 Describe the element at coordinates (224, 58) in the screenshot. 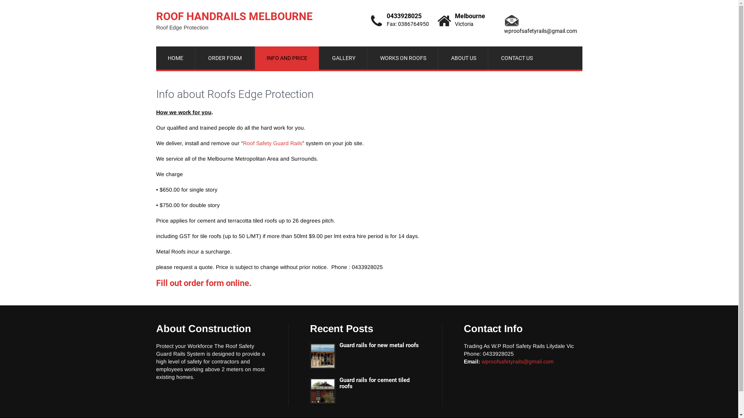

I see `'ORDER FORM'` at that location.